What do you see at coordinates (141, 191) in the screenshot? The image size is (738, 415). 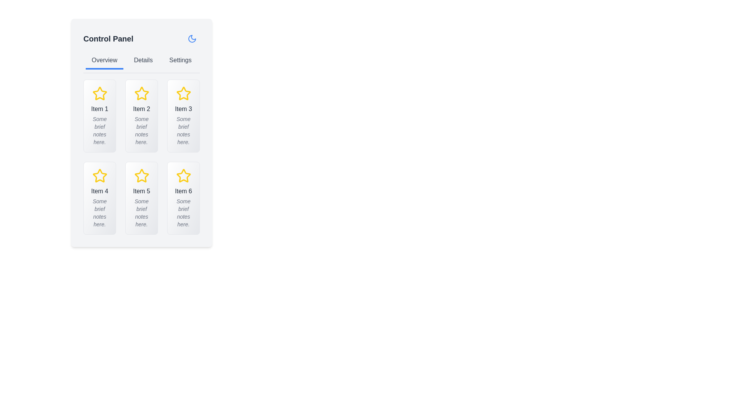 I see `the text label displaying 'Item 5' which is in medium font weight and gray color, located in the second row, second column of the grid layout` at bounding box center [141, 191].